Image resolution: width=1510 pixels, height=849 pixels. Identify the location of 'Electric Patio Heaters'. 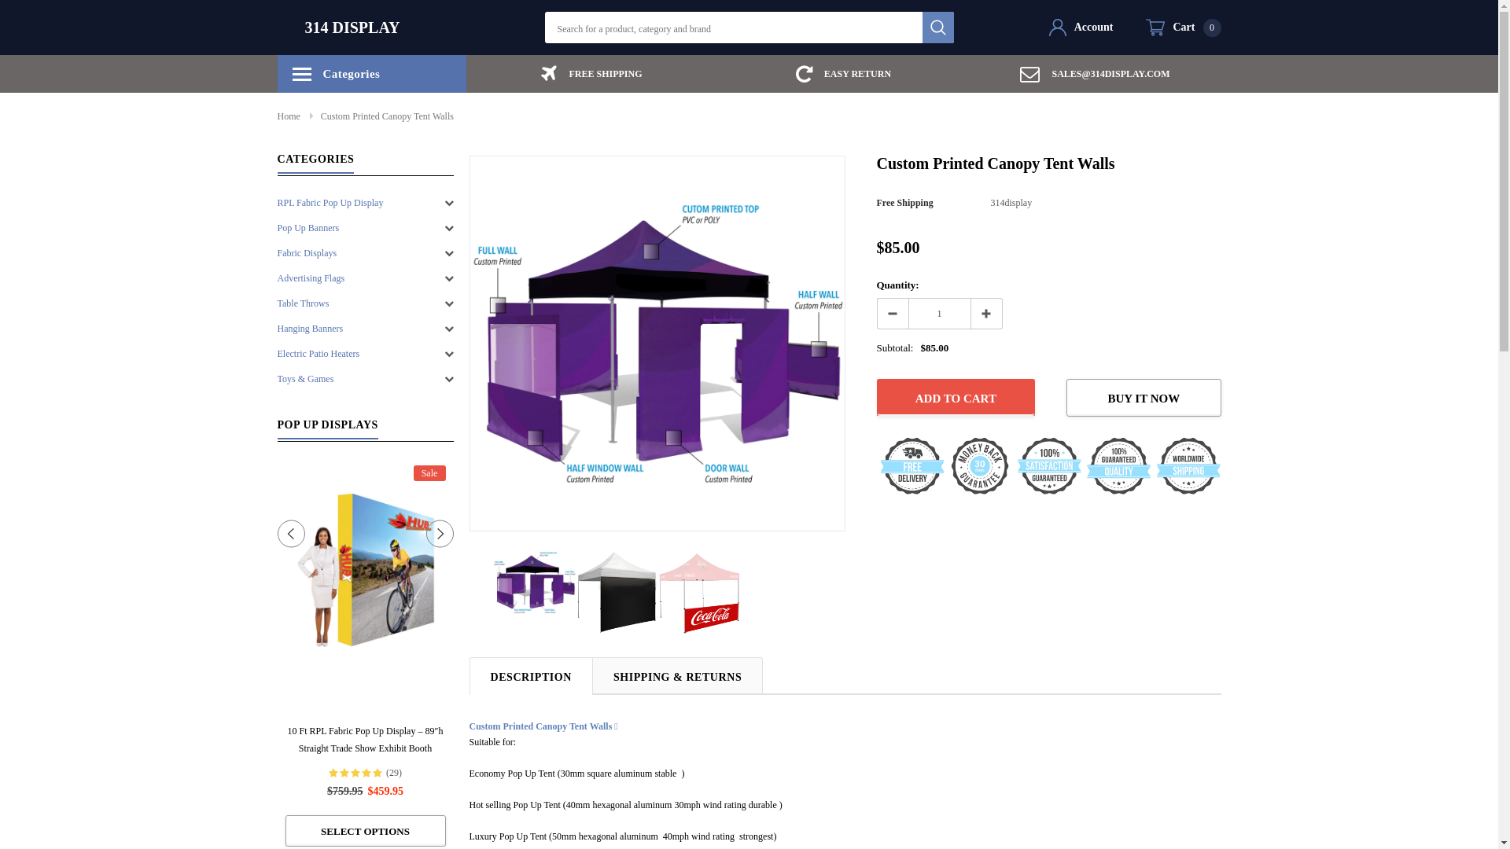
(317, 354).